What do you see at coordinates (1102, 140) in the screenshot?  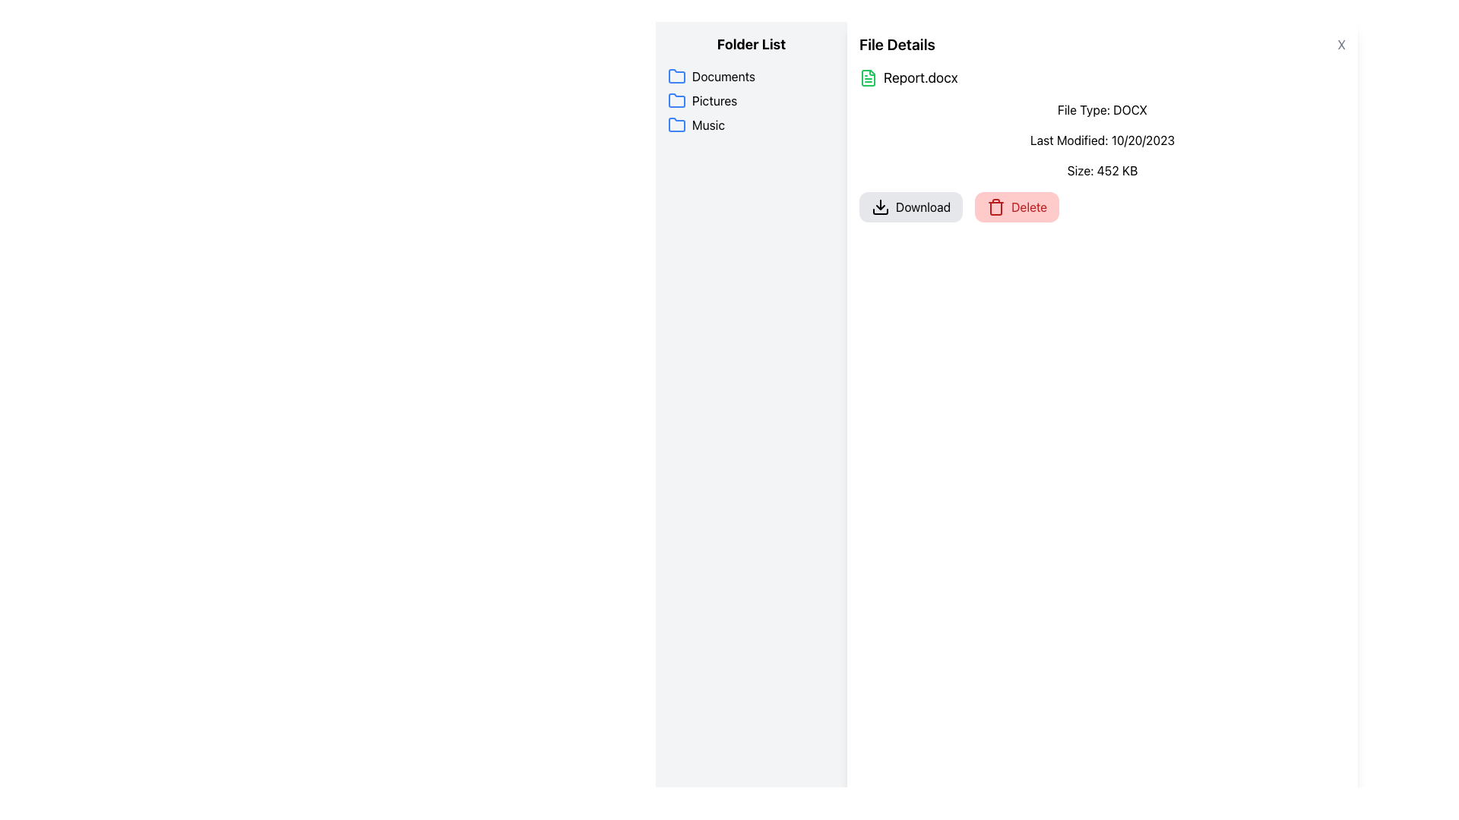 I see `the static text label displaying 'Last Modified: 10/20/2023' located in the 'File Details' information card` at bounding box center [1102, 140].